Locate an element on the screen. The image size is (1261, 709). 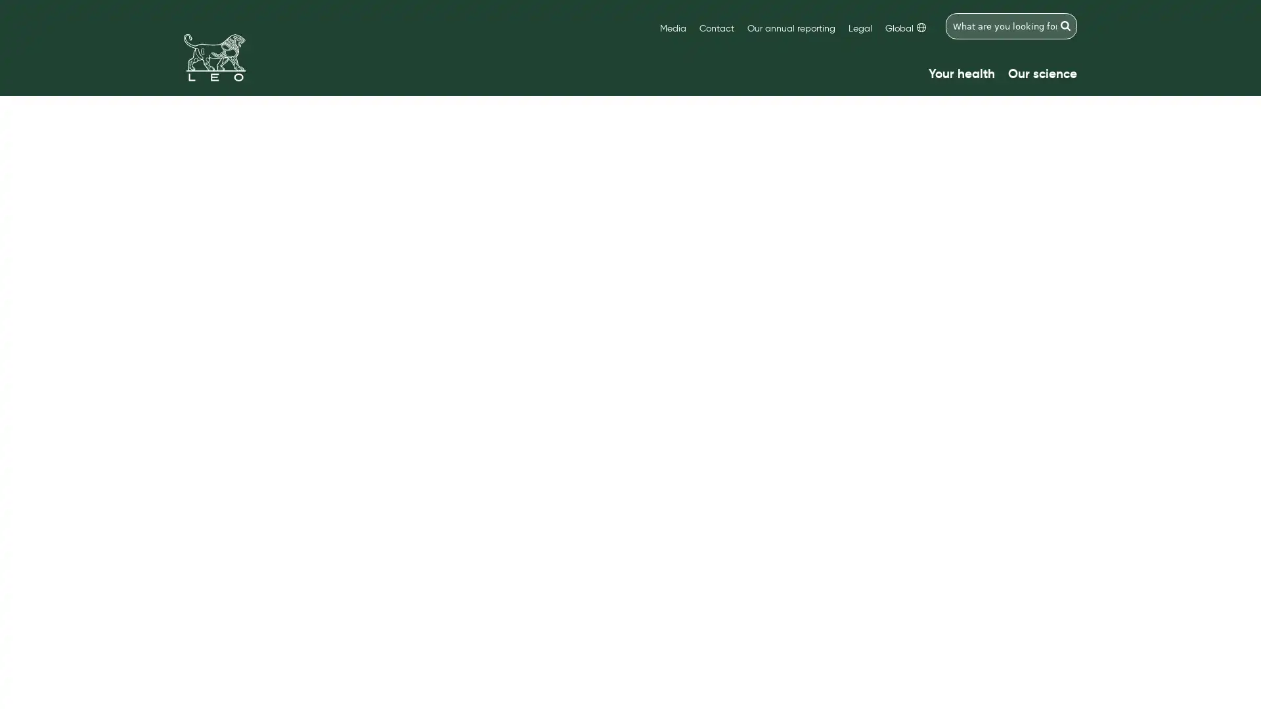
Submit search is located at coordinates (1065, 26).